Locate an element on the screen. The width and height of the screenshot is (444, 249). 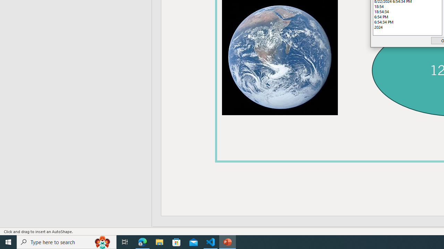
'18:54:34' is located at coordinates (408, 11).